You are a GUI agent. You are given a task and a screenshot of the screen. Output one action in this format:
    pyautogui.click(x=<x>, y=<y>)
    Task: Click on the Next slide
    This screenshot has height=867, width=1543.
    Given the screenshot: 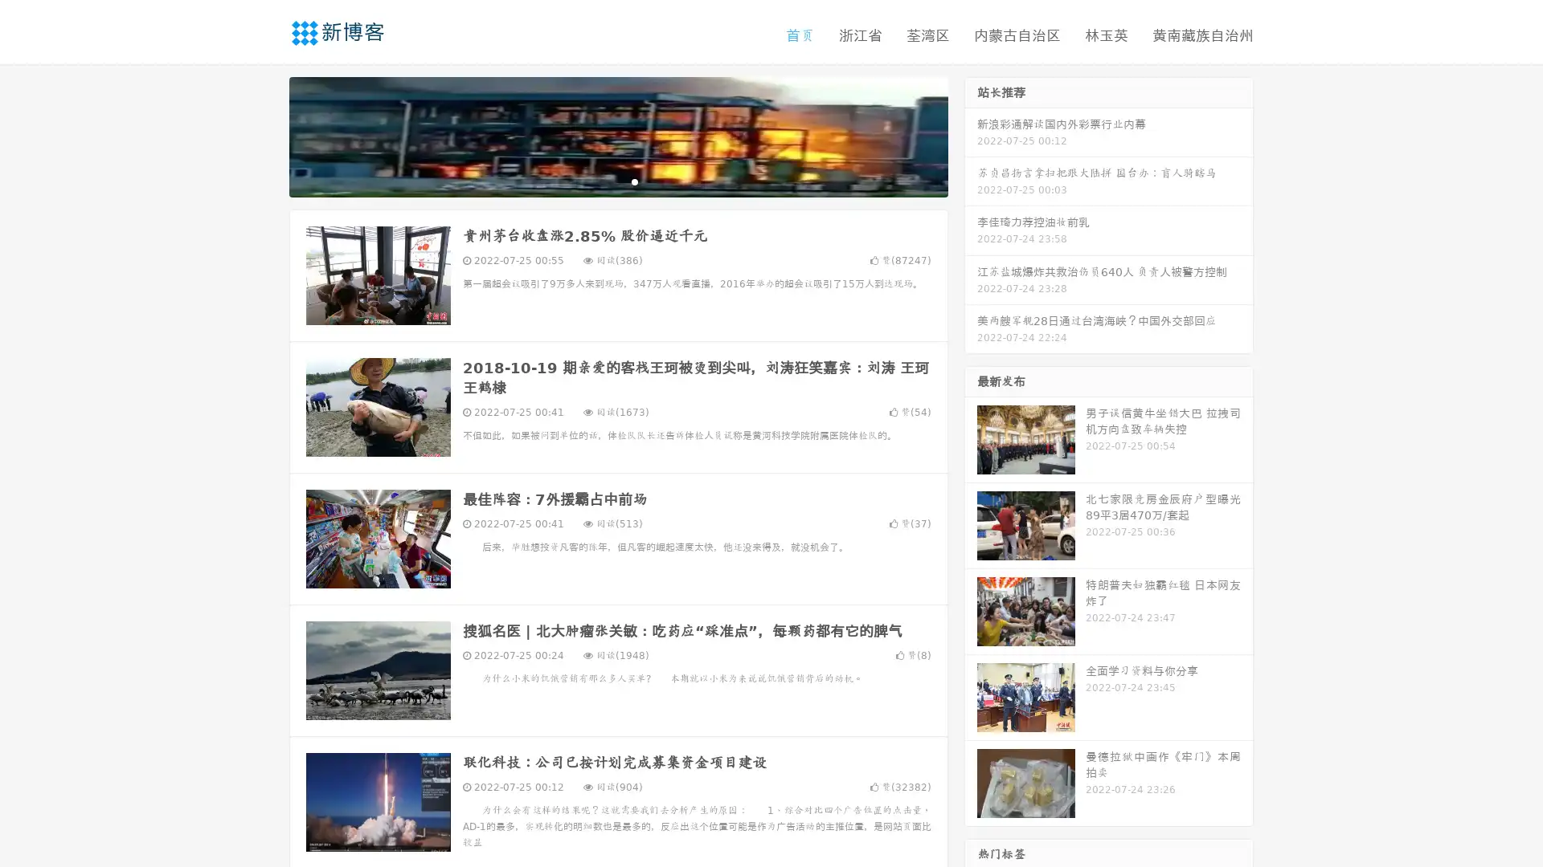 What is the action you would take?
    pyautogui.click(x=971, y=135)
    